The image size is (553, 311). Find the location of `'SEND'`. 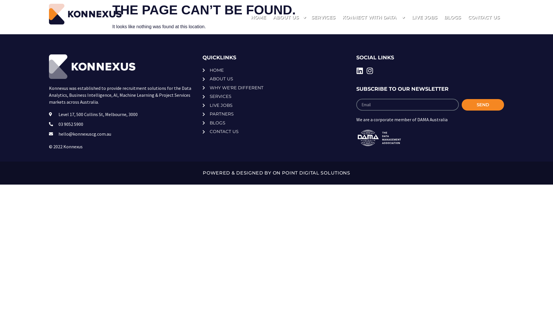

'SEND' is located at coordinates (483, 105).